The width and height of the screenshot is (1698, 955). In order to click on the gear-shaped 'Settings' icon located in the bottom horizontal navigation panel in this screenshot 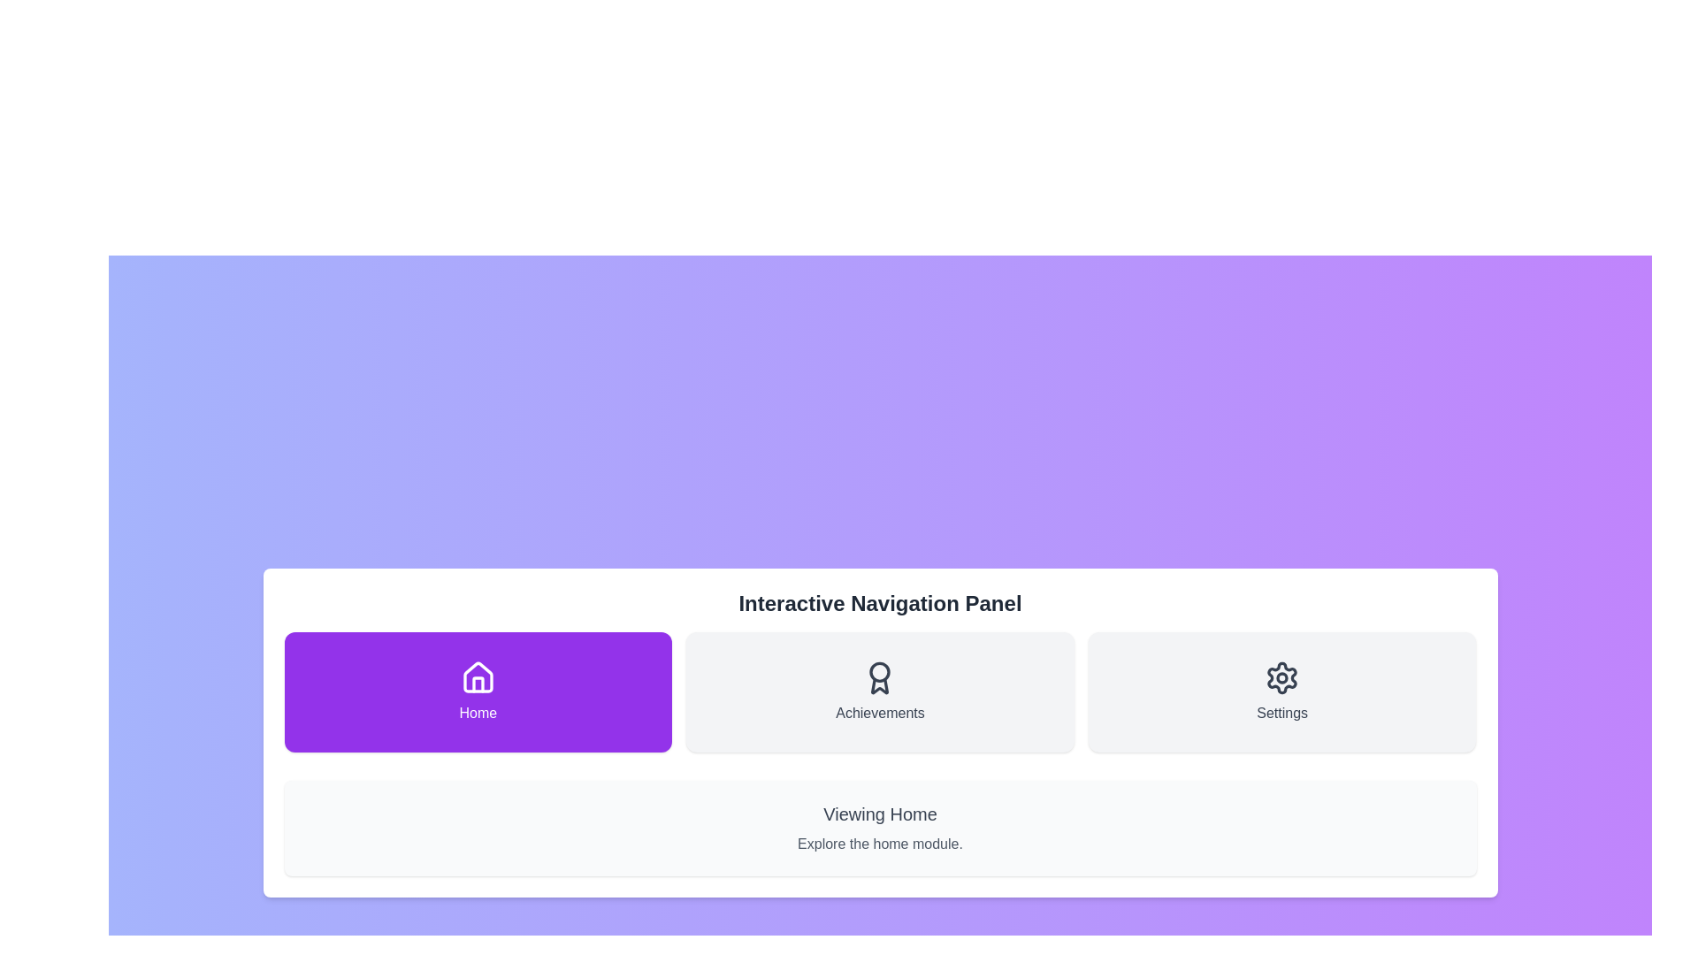, I will do `click(1281, 677)`.